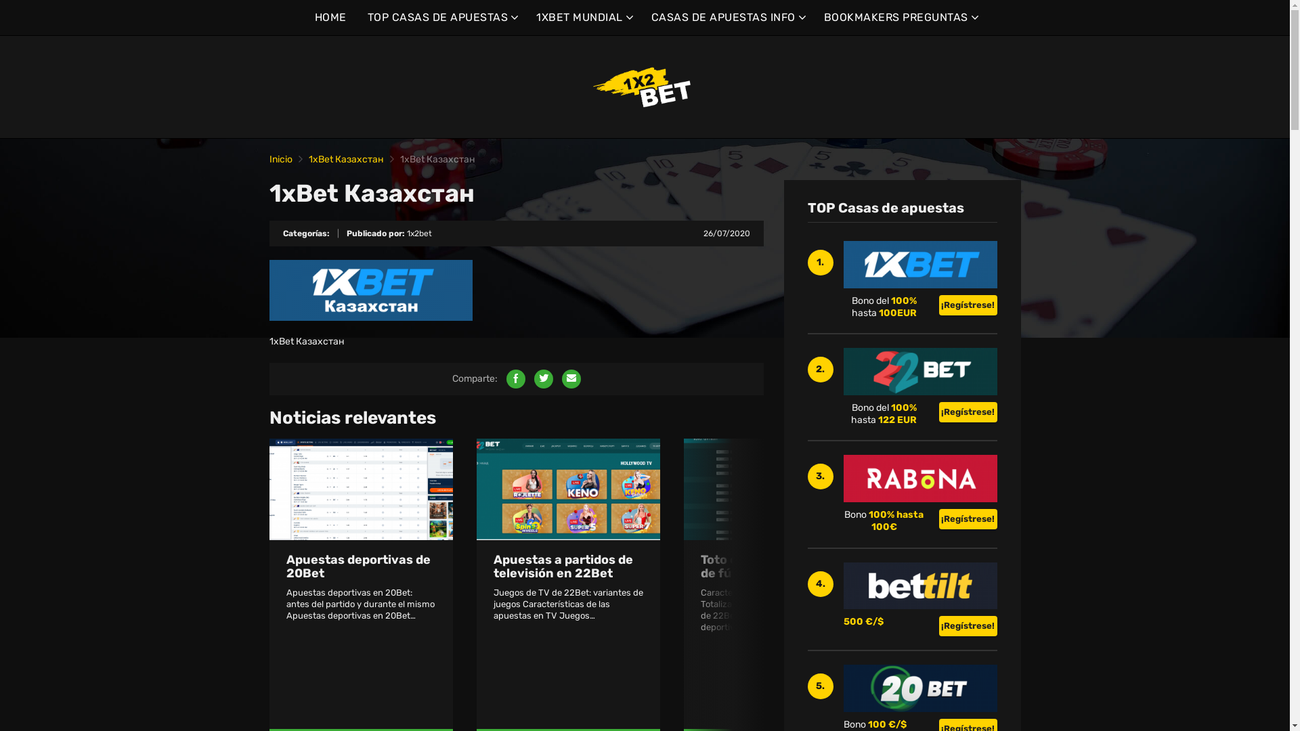 The width and height of the screenshot is (1300, 731). Describe the element at coordinates (583, 18) in the screenshot. I see `'1XBET MUNDIAL'` at that location.